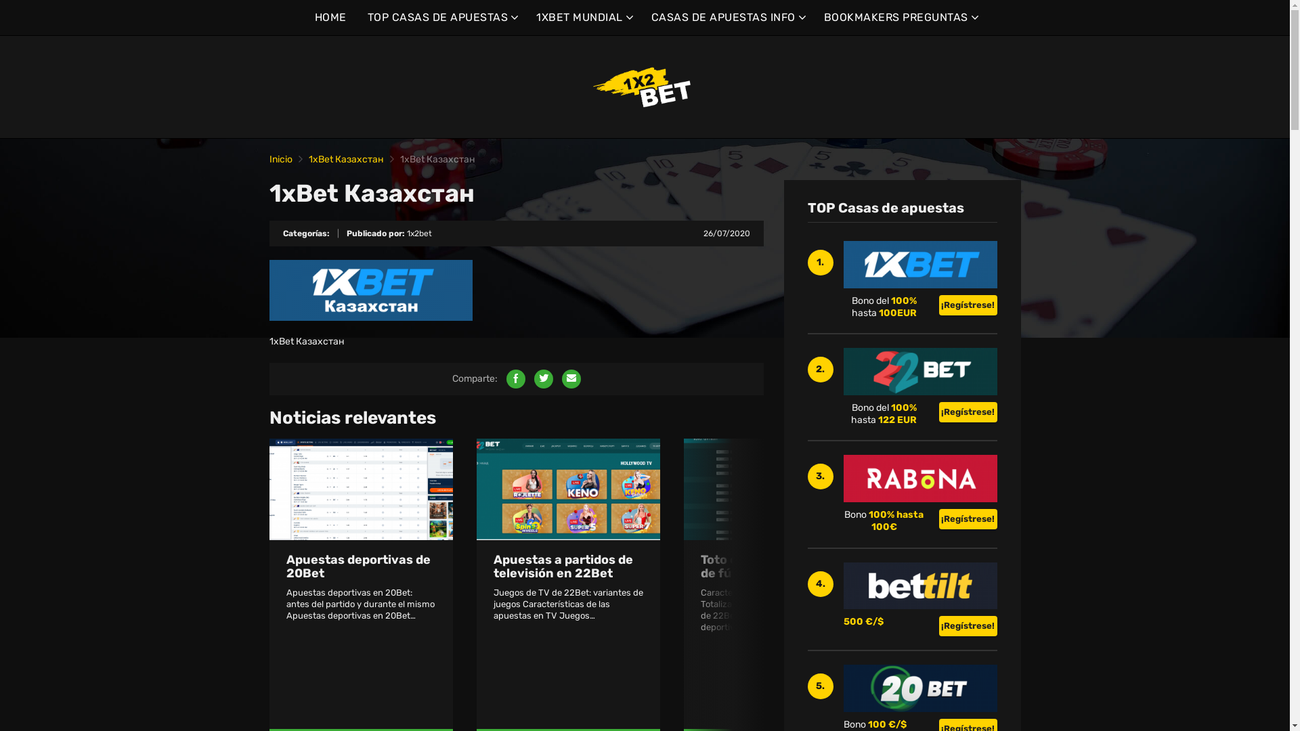 The width and height of the screenshot is (1300, 731). Describe the element at coordinates (583, 18) in the screenshot. I see `'1XBET MUNDIAL'` at that location.